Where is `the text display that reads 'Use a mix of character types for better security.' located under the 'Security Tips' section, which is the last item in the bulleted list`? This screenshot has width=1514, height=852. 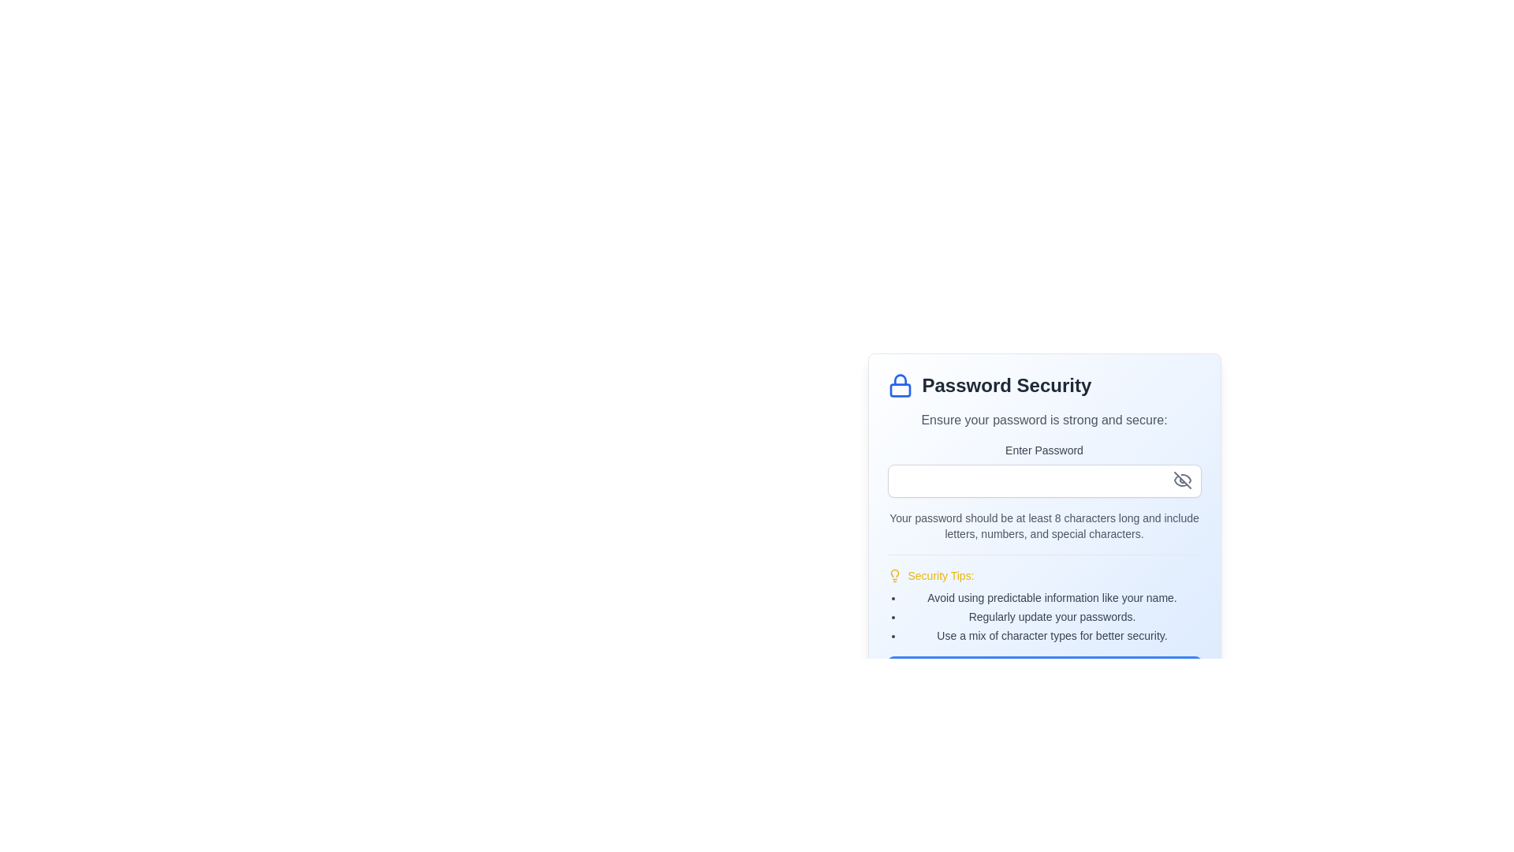 the text display that reads 'Use a mix of character types for better security.' located under the 'Security Tips' section, which is the last item in the bulleted list is located at coordinates (1052, 635).